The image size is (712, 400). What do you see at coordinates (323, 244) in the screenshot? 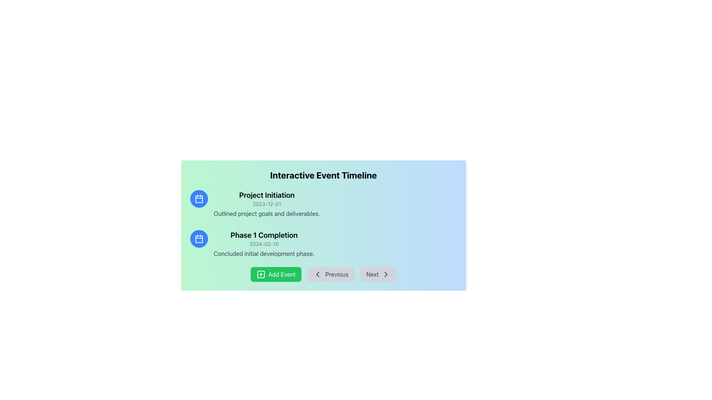
I see `the informational panel labeled 'Phase 1 Completion' located in the lower half of the interface, which summarizes the event details including its title, date, and conclusion notes` at bounding box center [323, 244].